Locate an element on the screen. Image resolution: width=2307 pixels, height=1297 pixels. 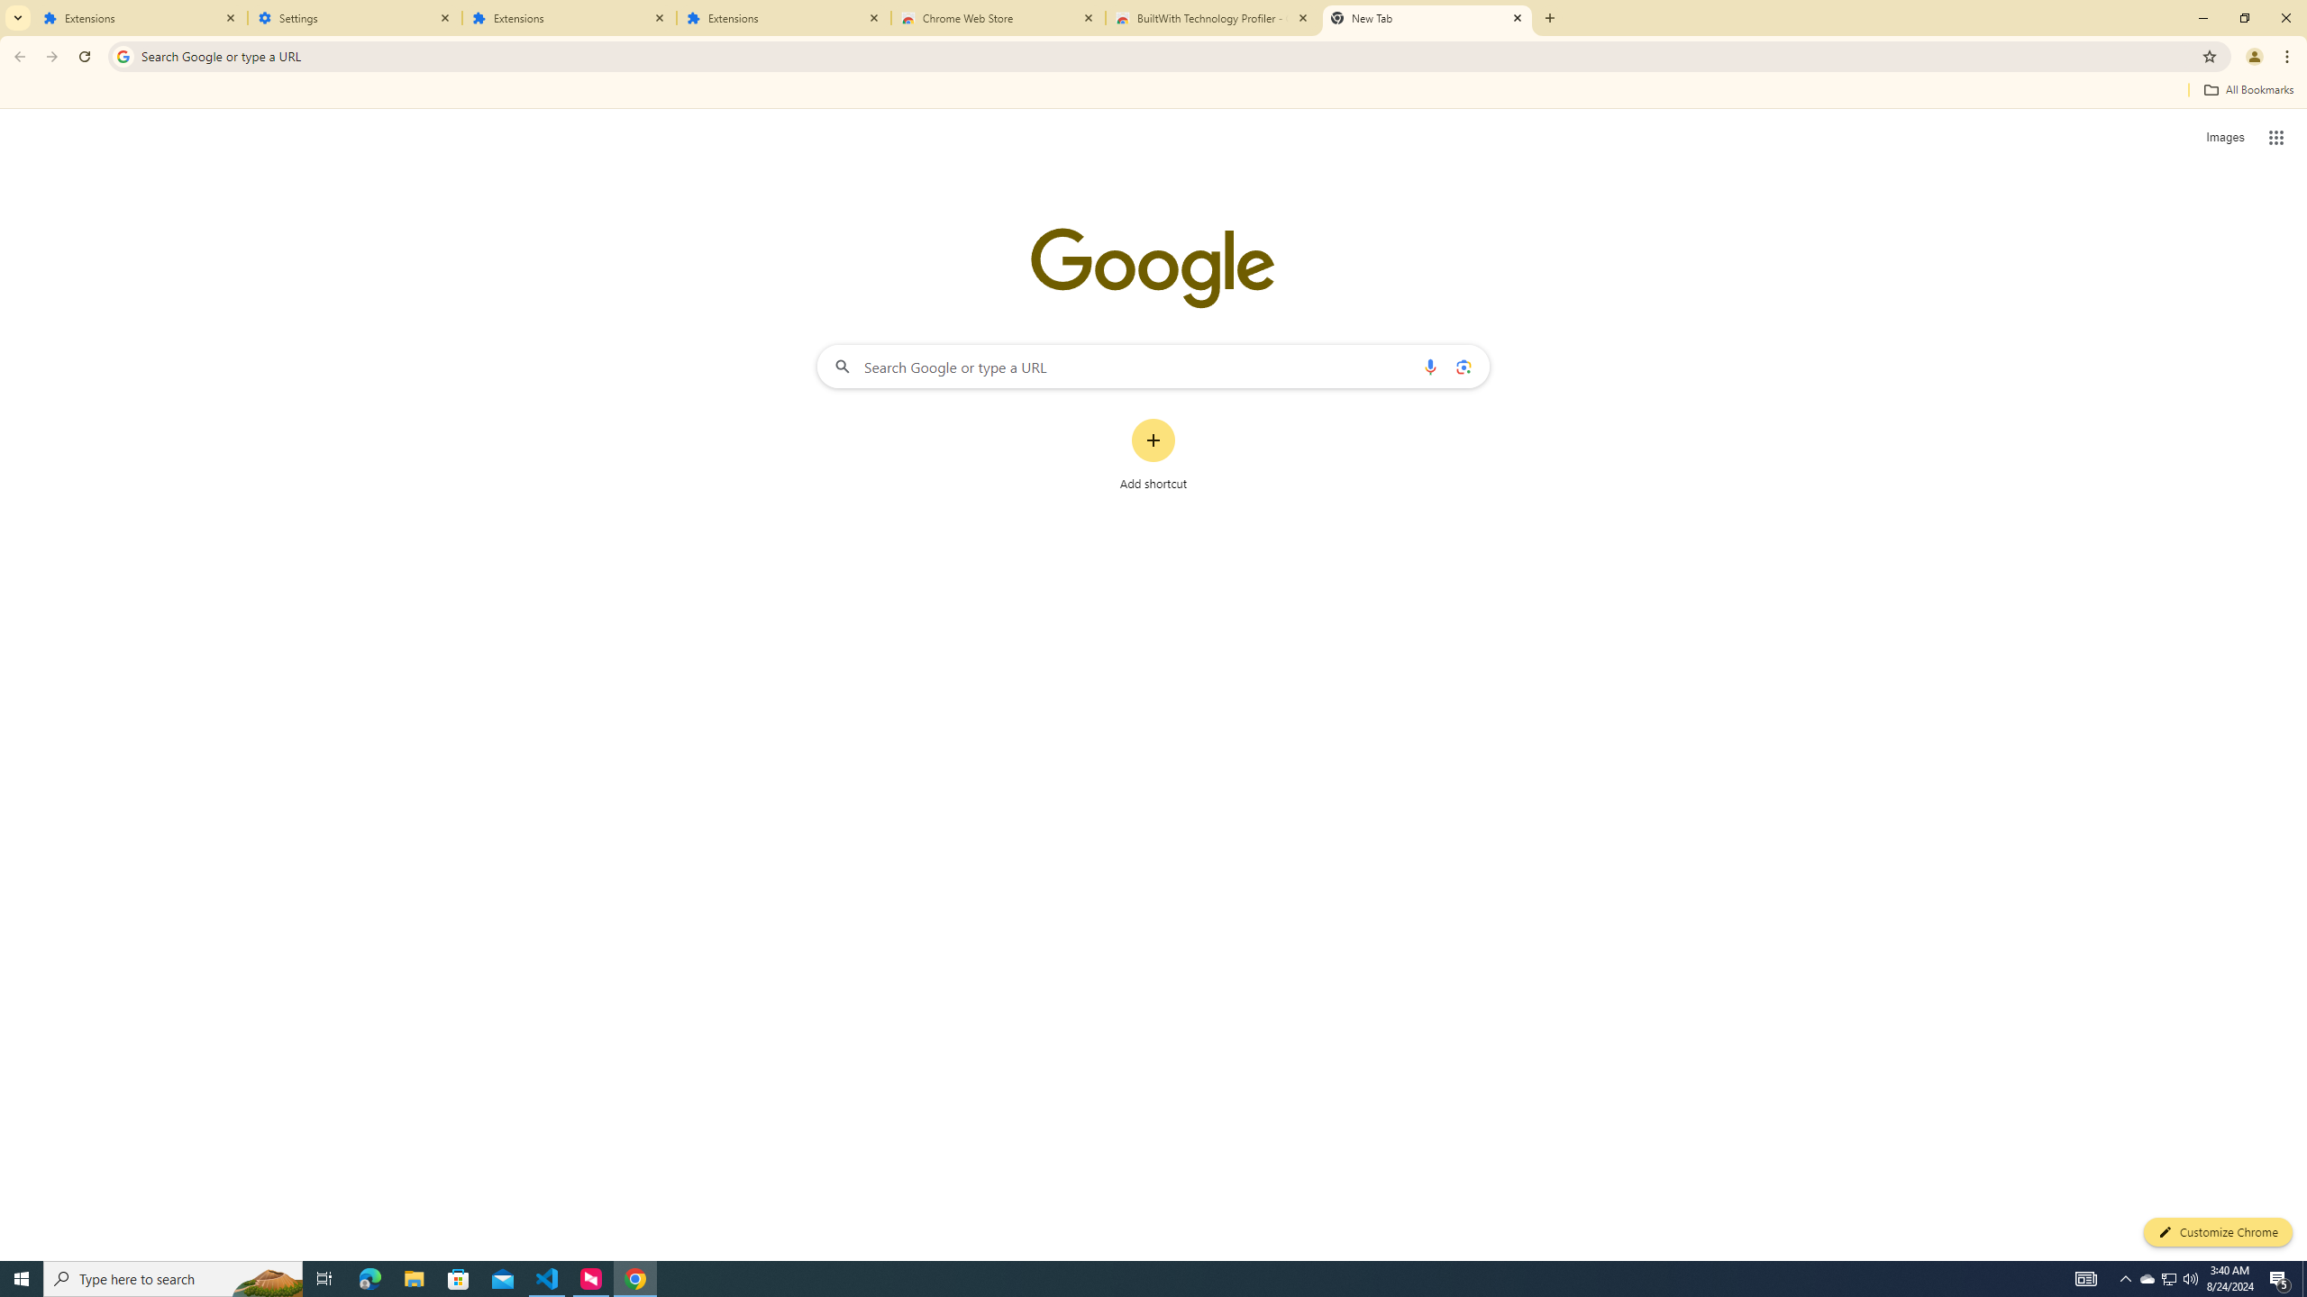
'Forward' is located at coordinates (51, 56).